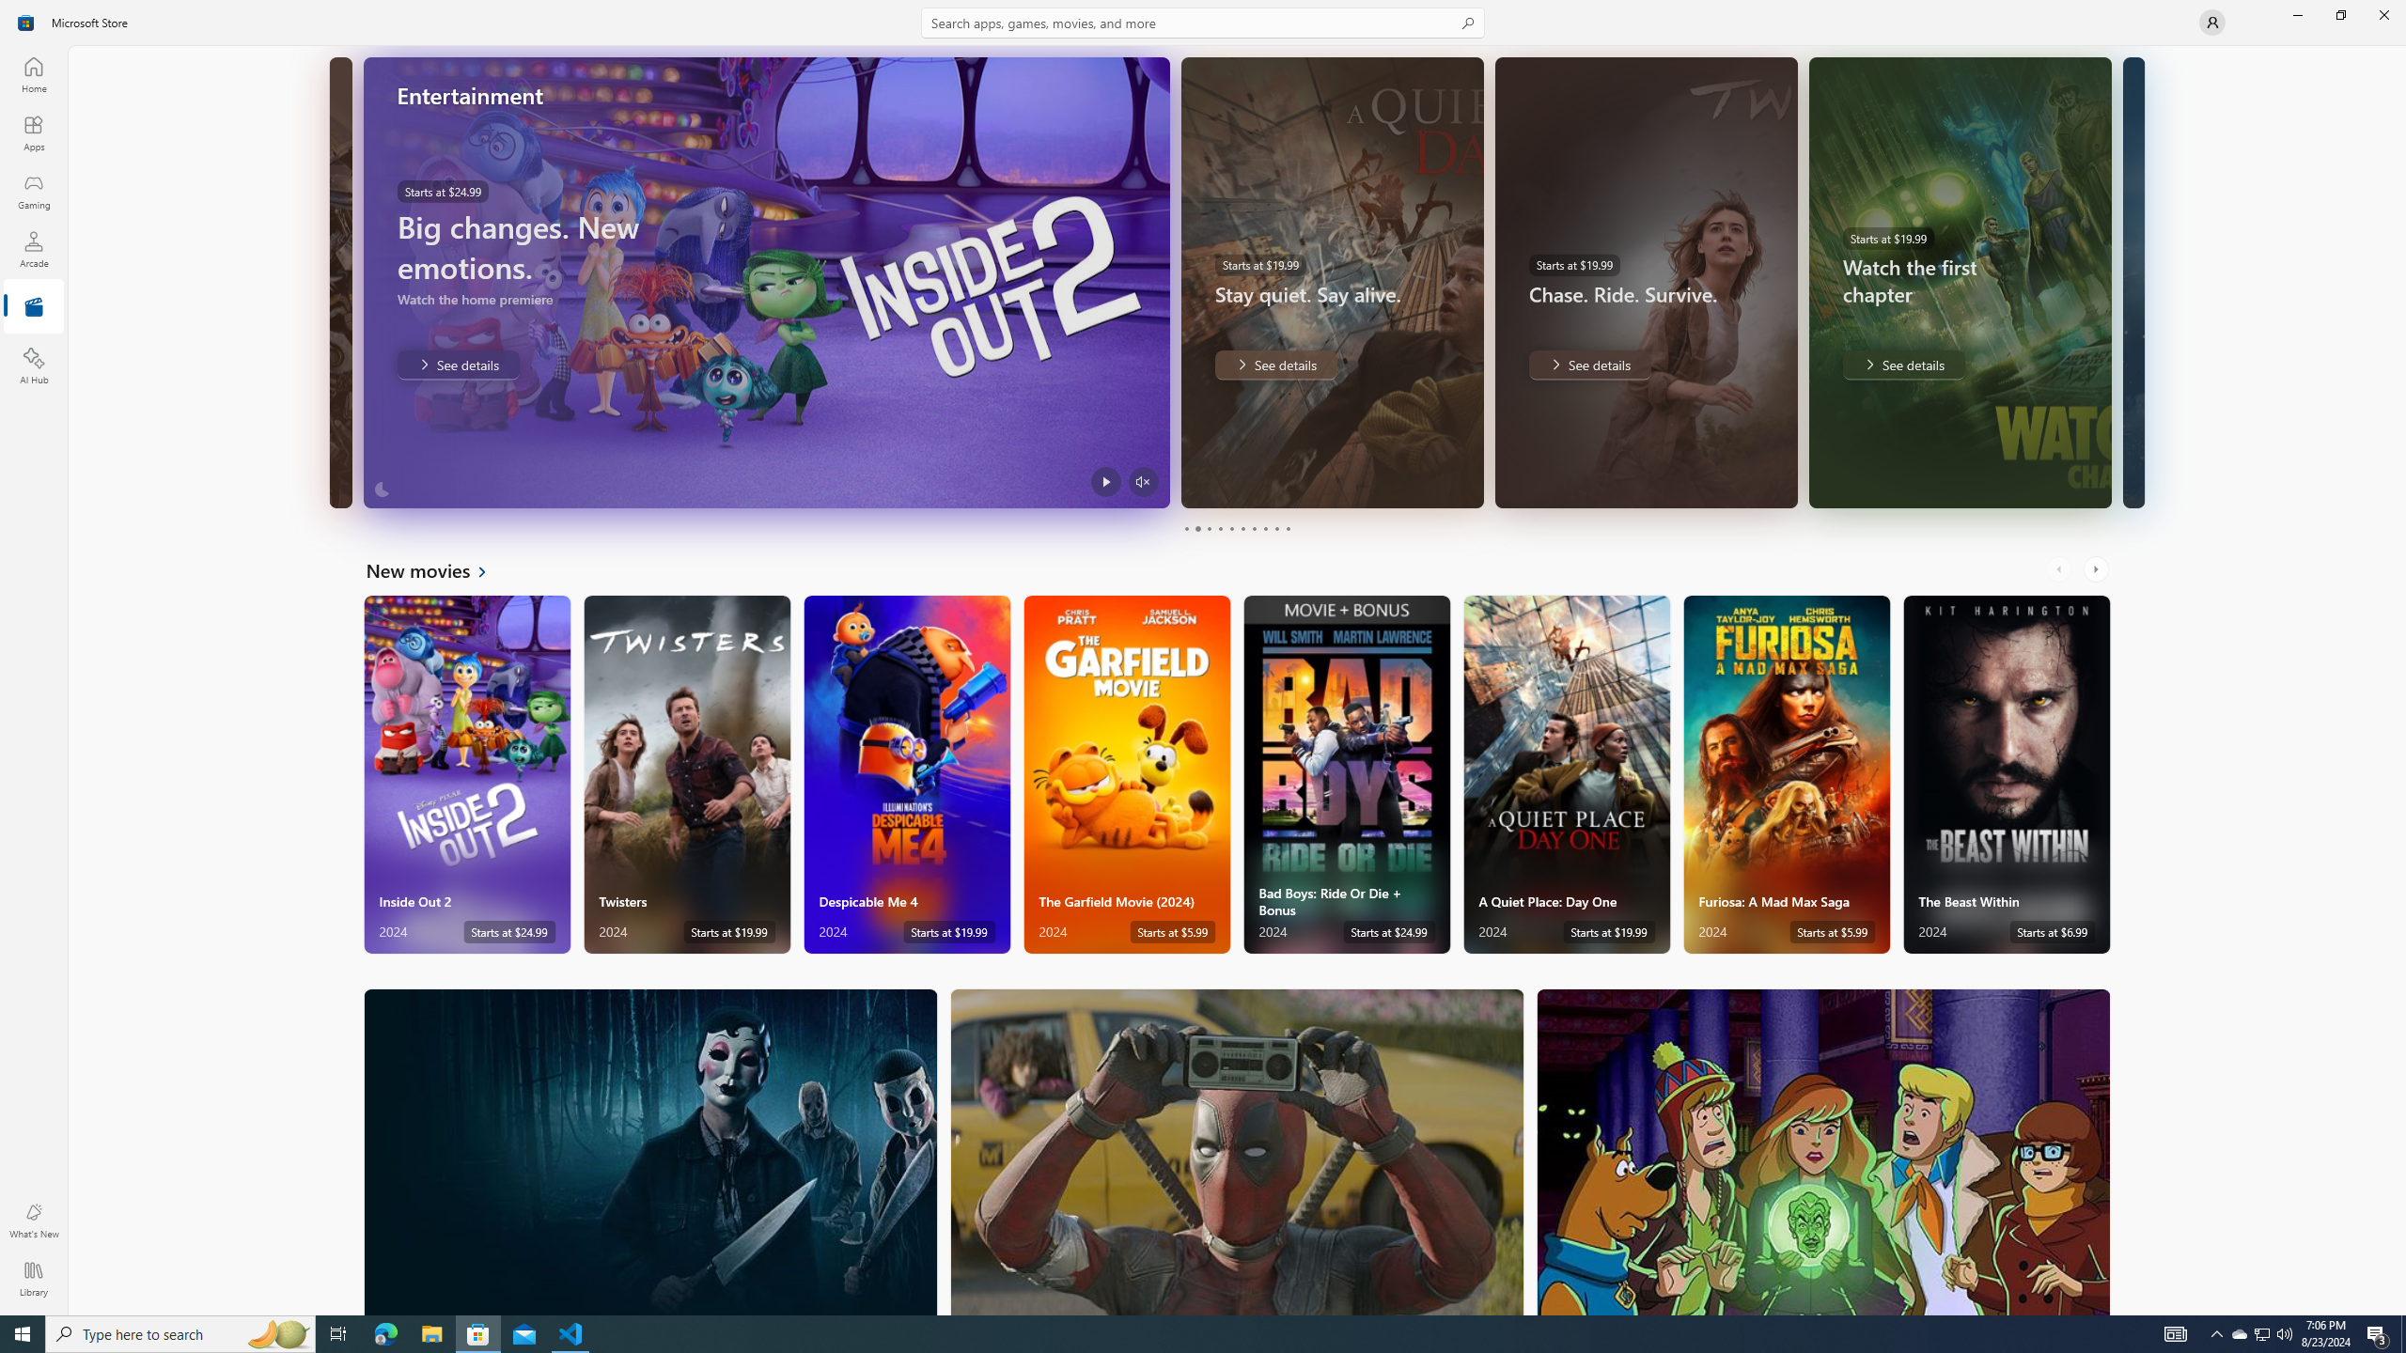 Image resolution: width=2406 pixels, height=1353 pixels. Describe the element at coordinates (1229, 528) in the screenshot. I see `'Page 5'` at that location.